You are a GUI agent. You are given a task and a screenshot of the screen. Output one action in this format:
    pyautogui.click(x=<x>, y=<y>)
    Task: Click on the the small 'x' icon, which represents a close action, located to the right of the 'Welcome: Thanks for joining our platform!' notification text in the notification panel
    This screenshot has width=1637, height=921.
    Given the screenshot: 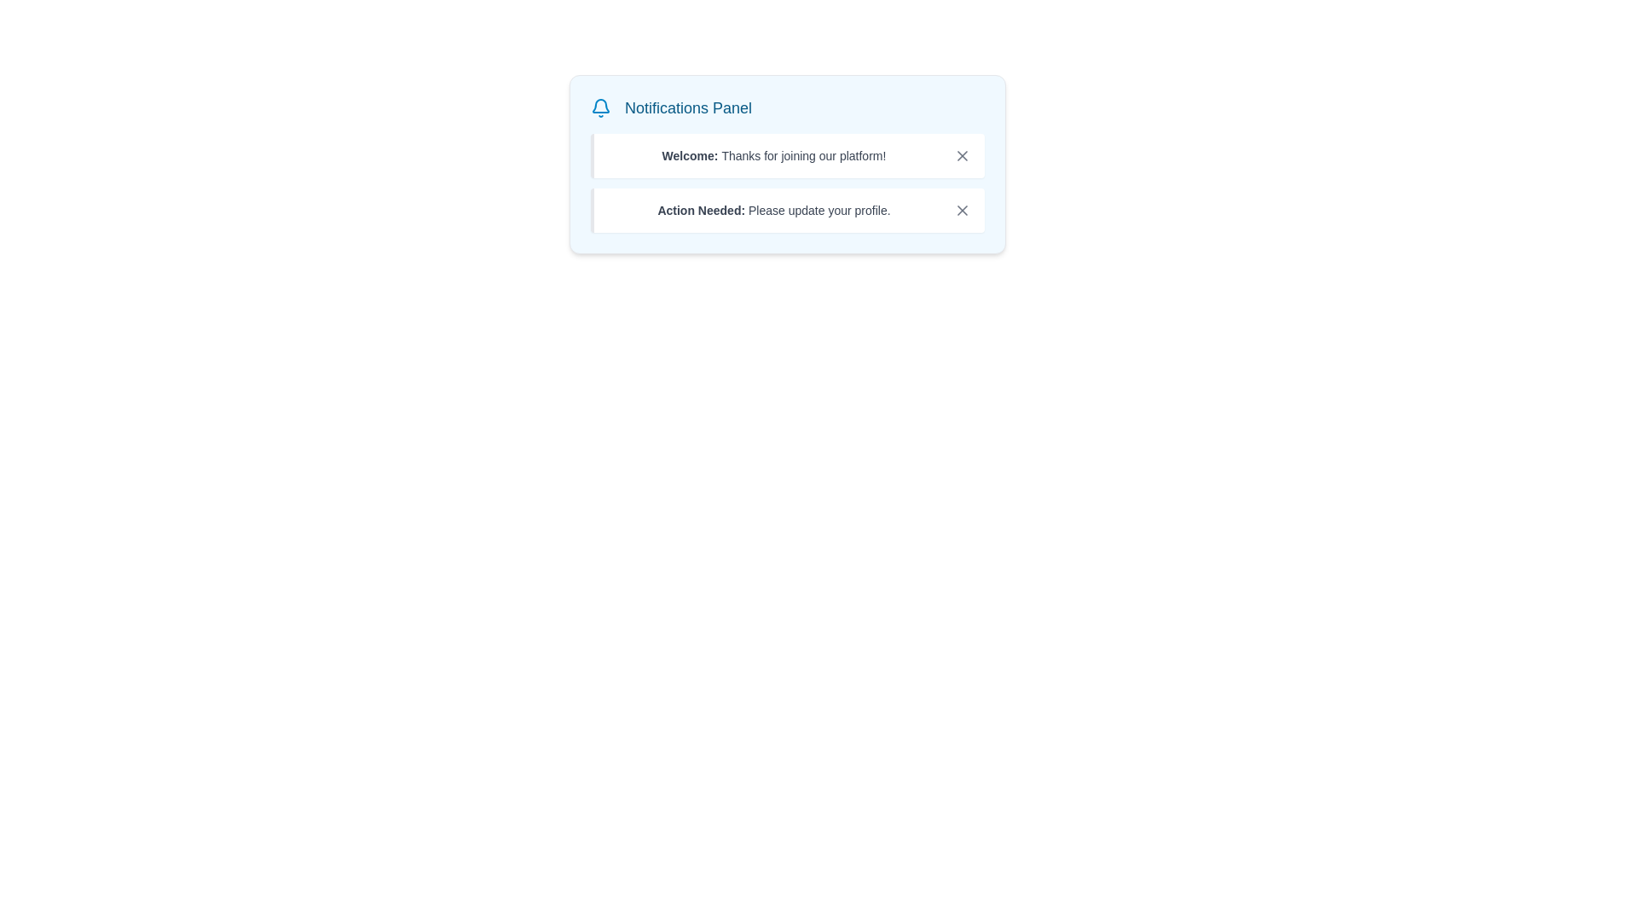 What is the action you would take?
    pyautogui.click(x=962, y=155)
    